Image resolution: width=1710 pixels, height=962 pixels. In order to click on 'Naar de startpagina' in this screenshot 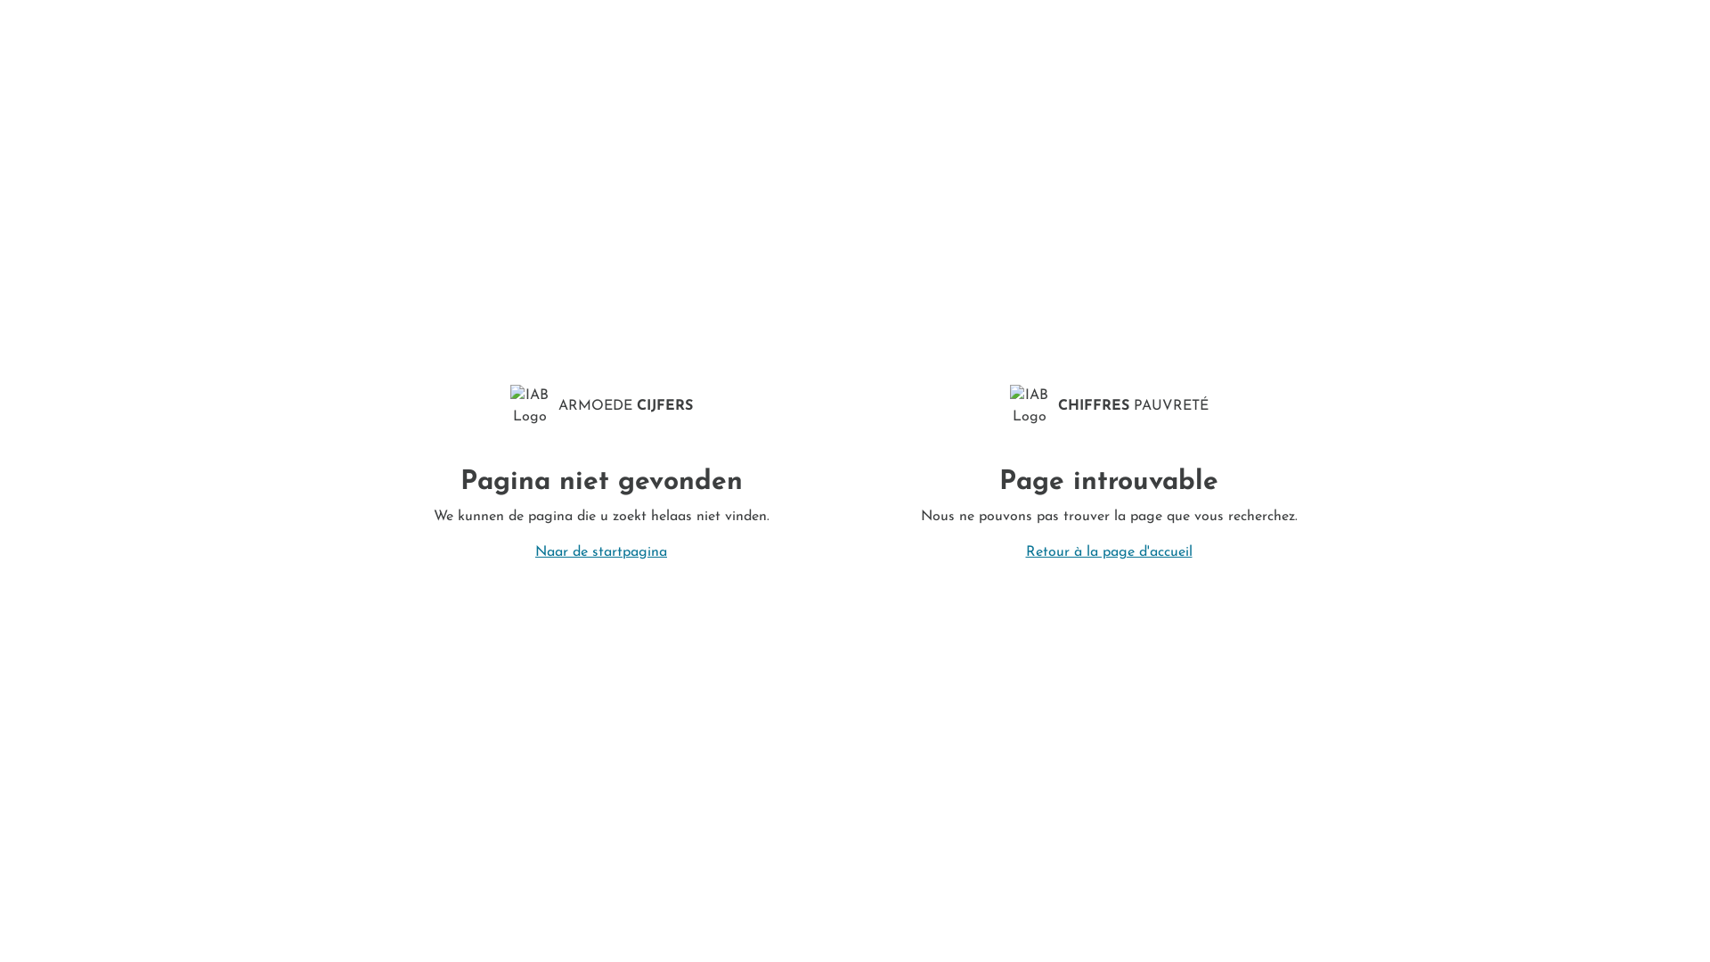, I will do `click(601, 551)`.